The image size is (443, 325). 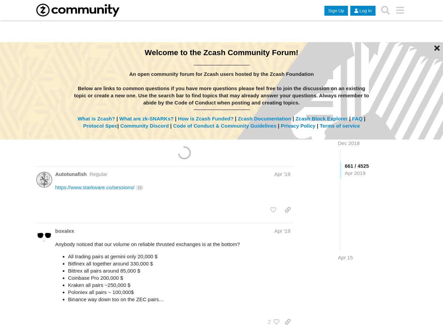 I want to click on 'Welcome to the Zcash Community Forum!', so click(x=221, y=52).